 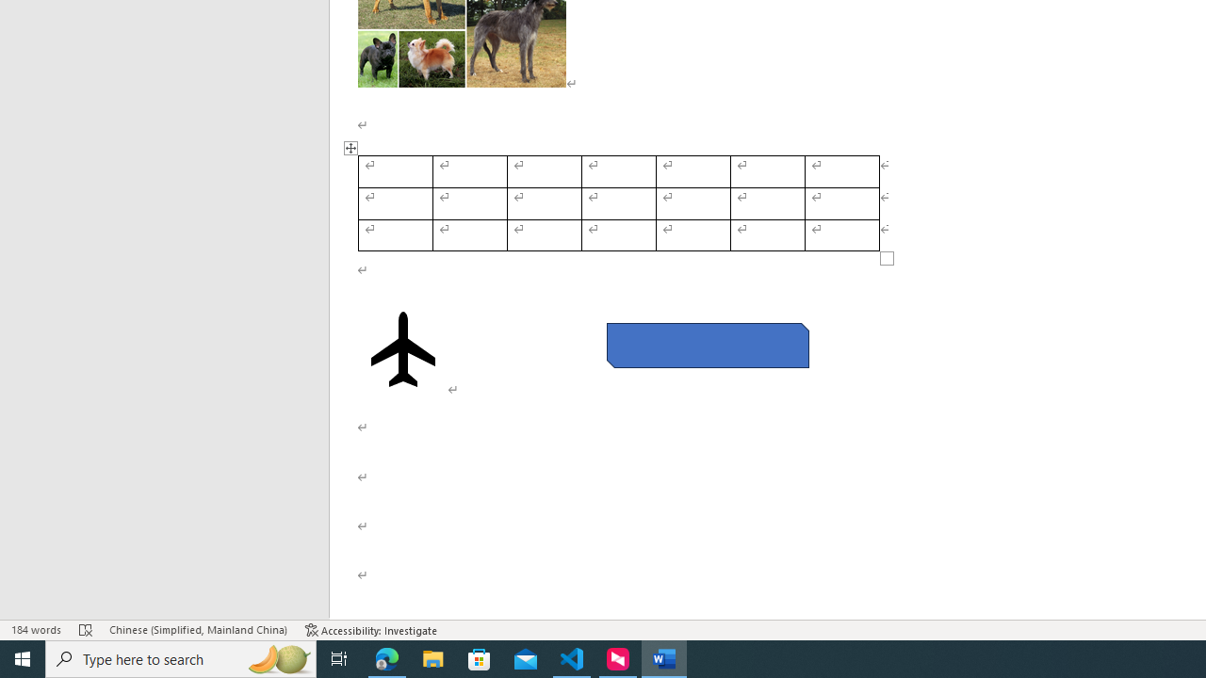 I want to click on 'Word Count 184 words', so click(x=36, y=630).